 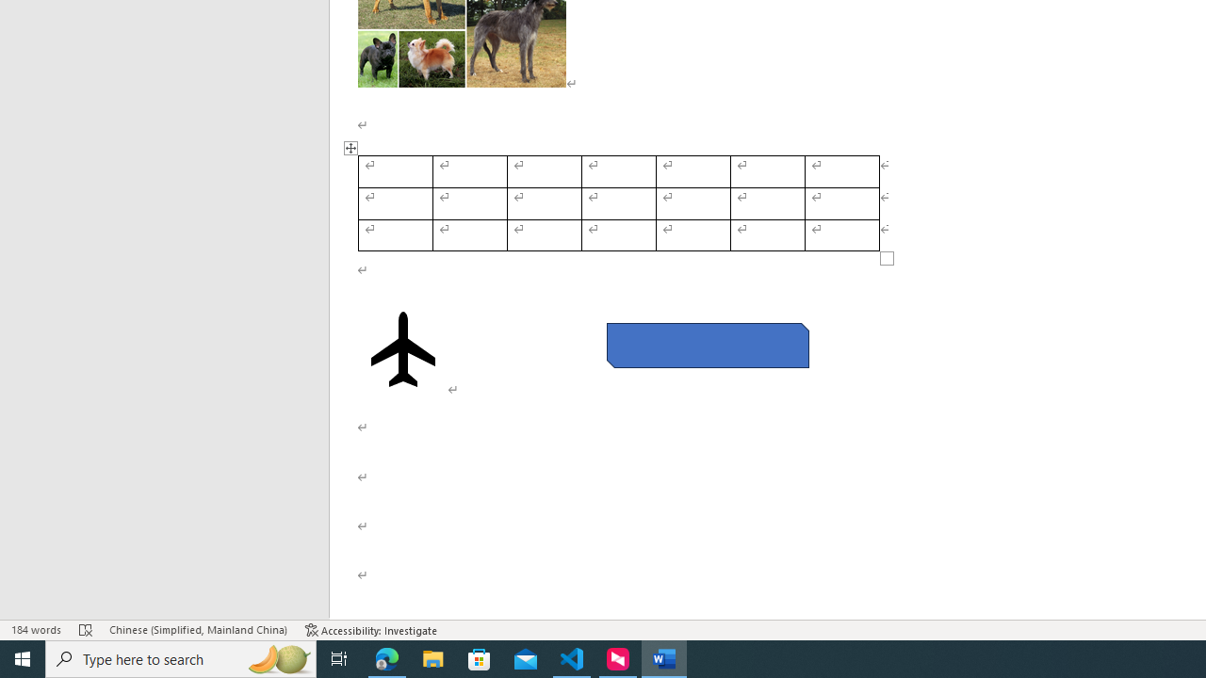 I want to click on 'Word Count 184 words', so click(x=36, y=630).